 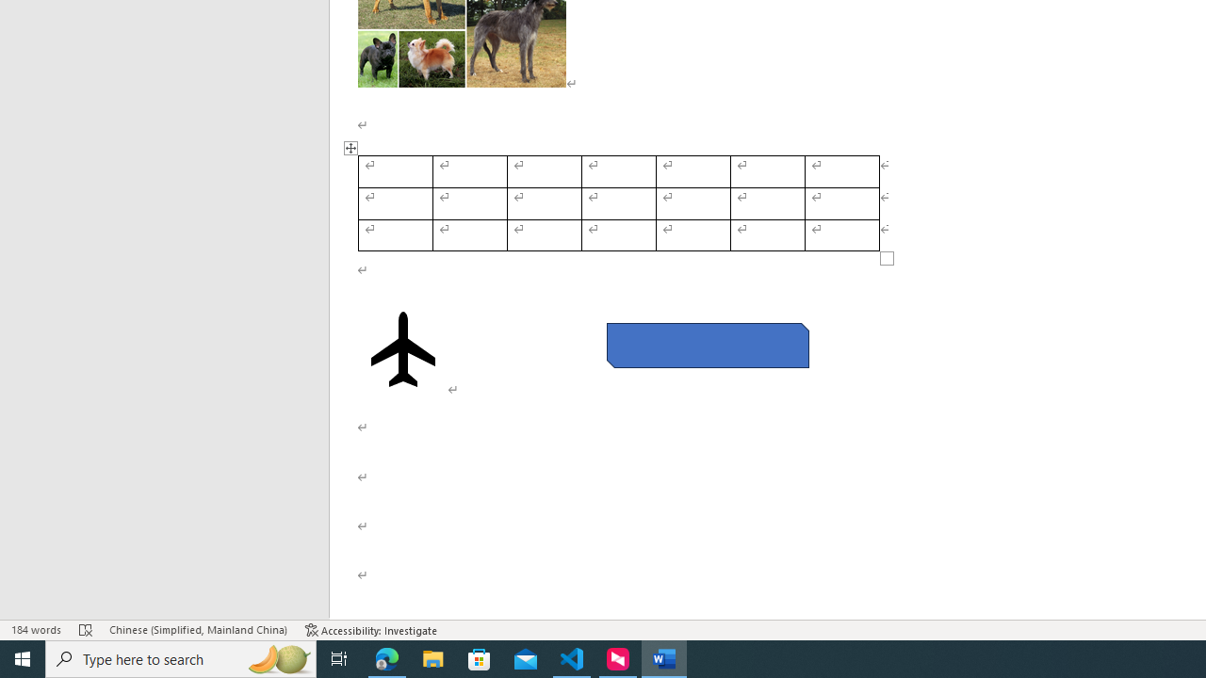 I want to click on 'Word Count 184 words', so click(x=36, y=630).